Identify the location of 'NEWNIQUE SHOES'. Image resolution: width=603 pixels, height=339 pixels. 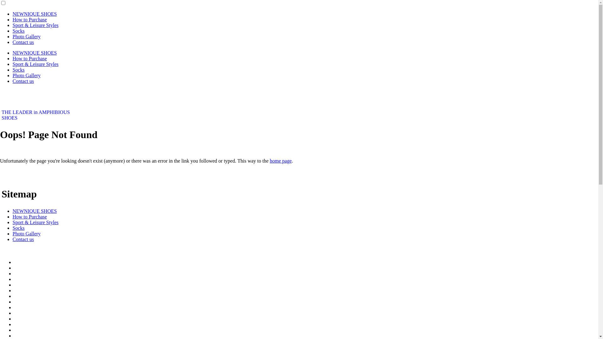
(34, 211).